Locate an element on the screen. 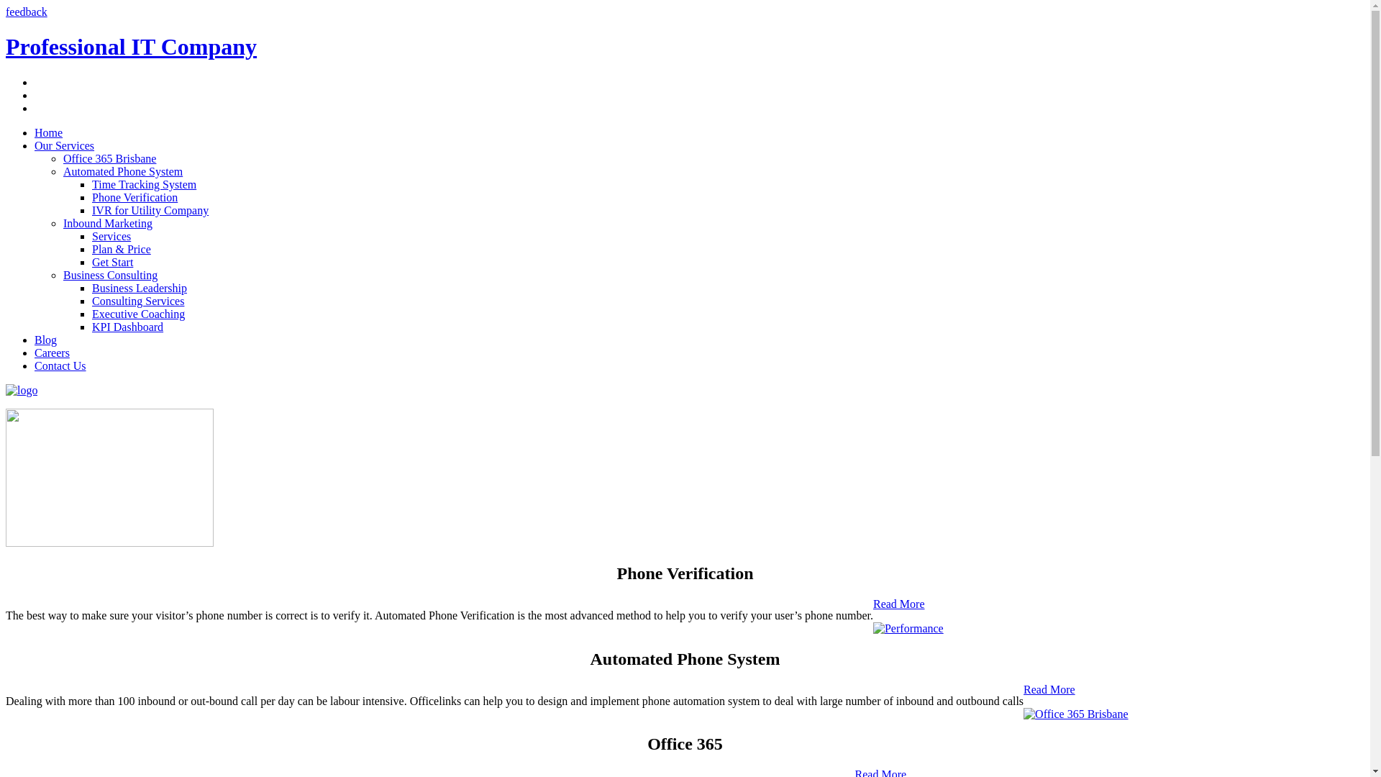 The height and width of the screenshot is (777, 1381). 'Services' is located at coordinates (110, 235).